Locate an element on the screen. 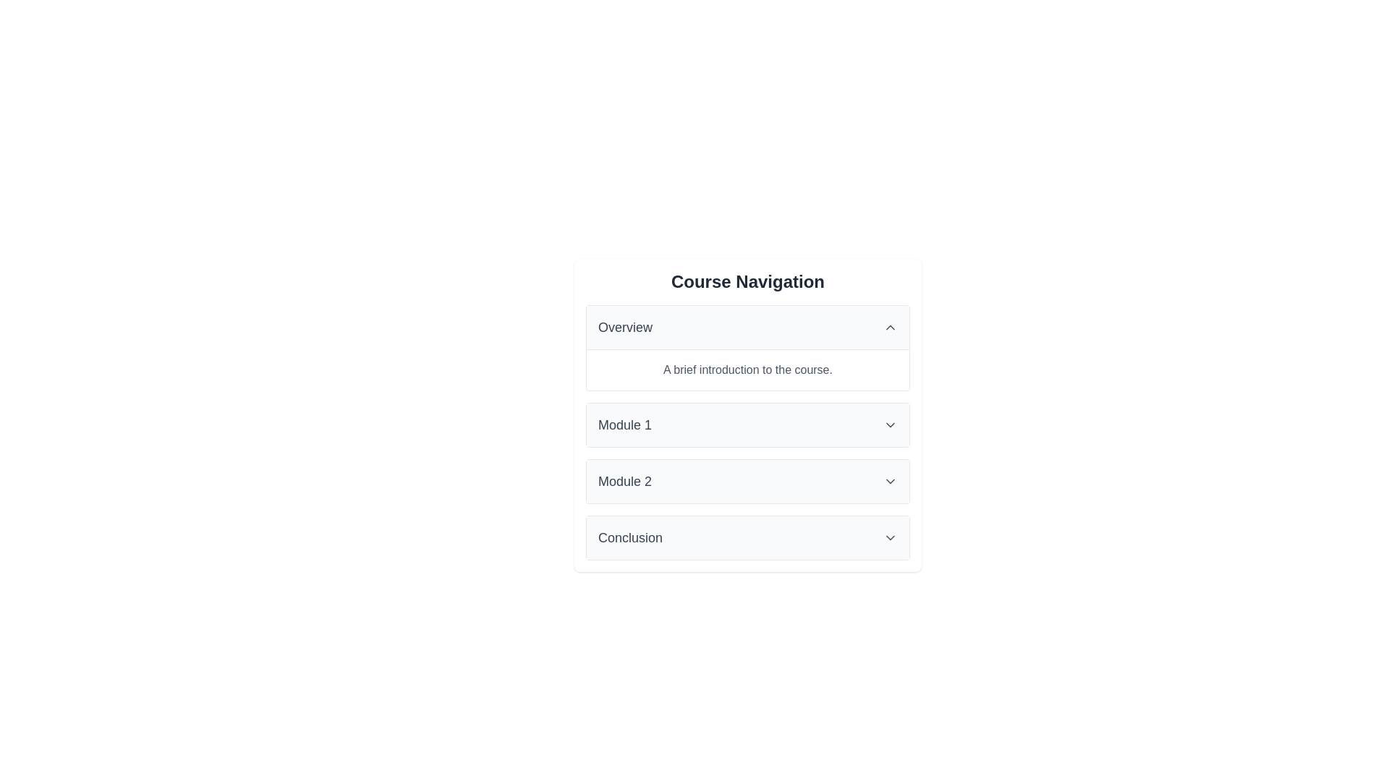 Image resolution: width=1389 pixels, height=781 pixels. the downward-facing chevron icon located to the right of the 'Module 2' list item is located at coordinates (889, 482).